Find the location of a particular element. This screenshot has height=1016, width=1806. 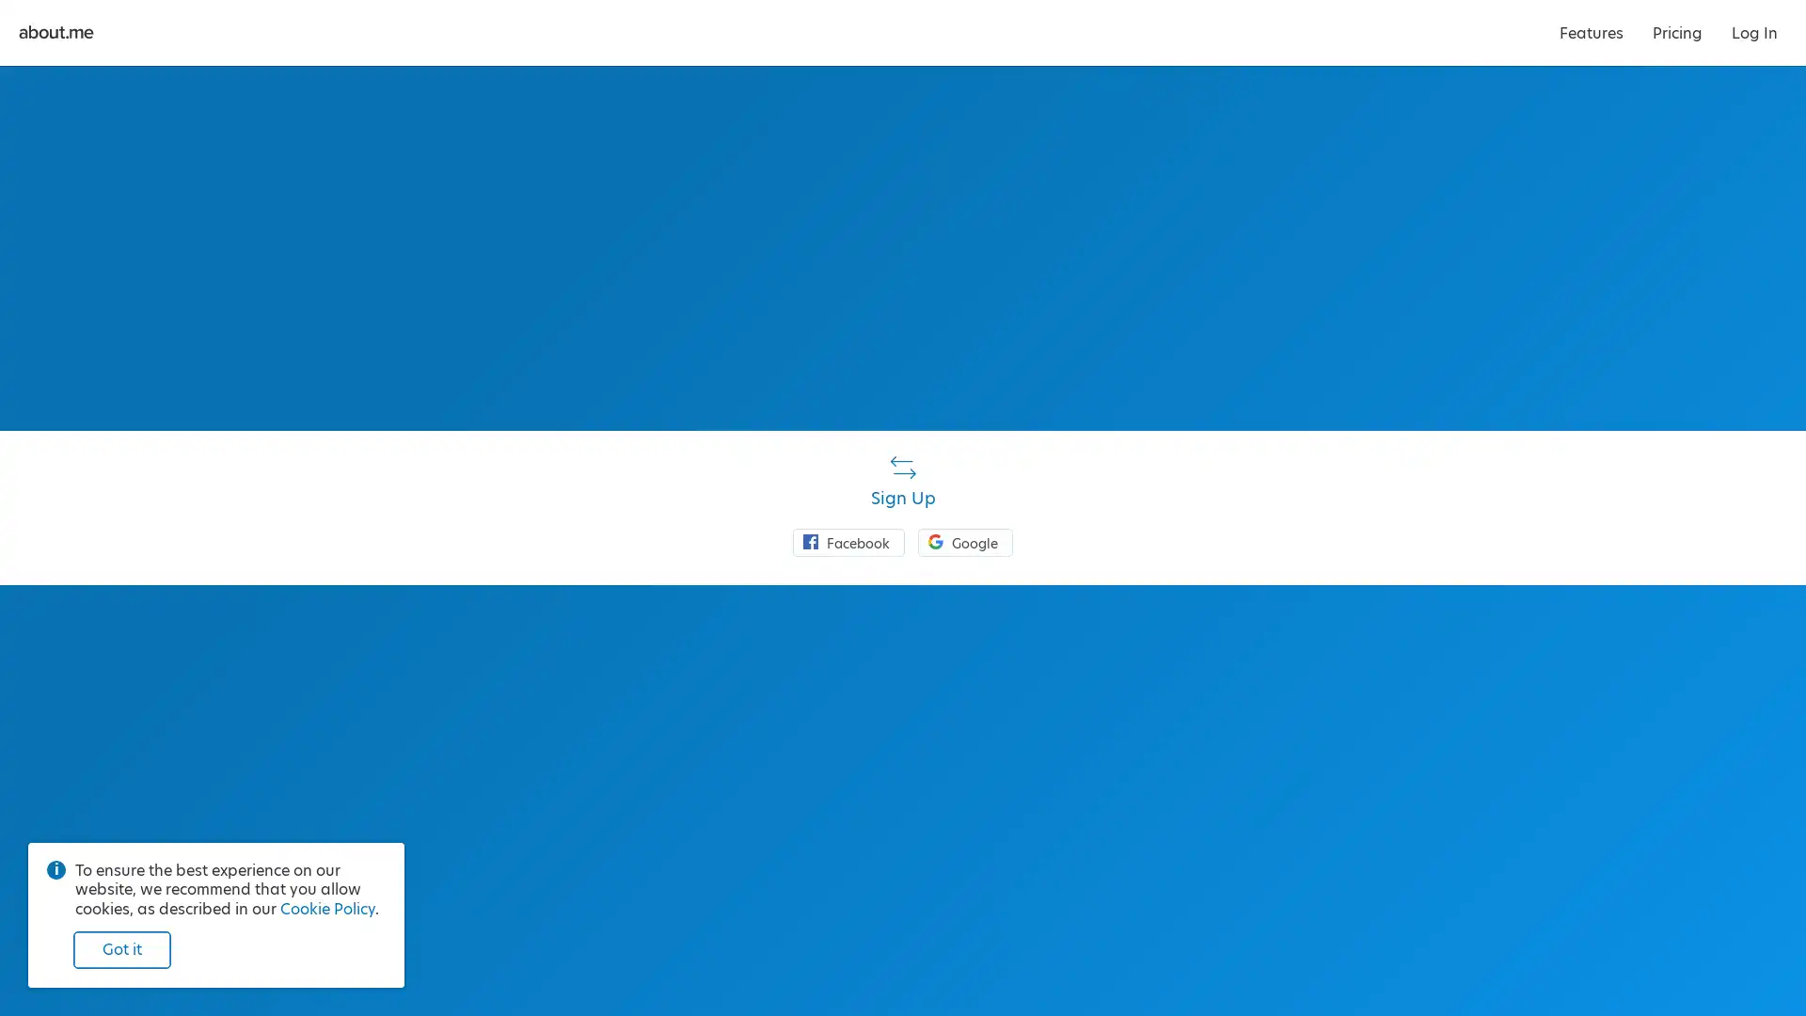

Google is located at coordinates (965, 541).